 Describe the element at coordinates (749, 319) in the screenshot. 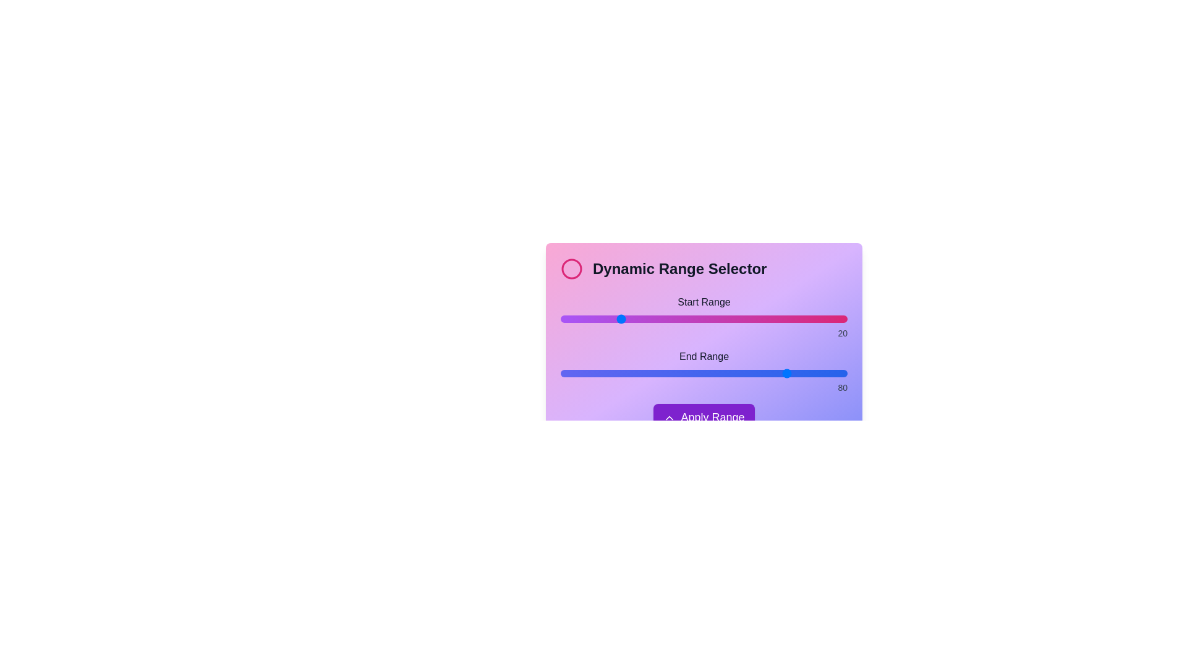

I see `the start range slider to 66 by dragging the slider to the desired position` at that location.